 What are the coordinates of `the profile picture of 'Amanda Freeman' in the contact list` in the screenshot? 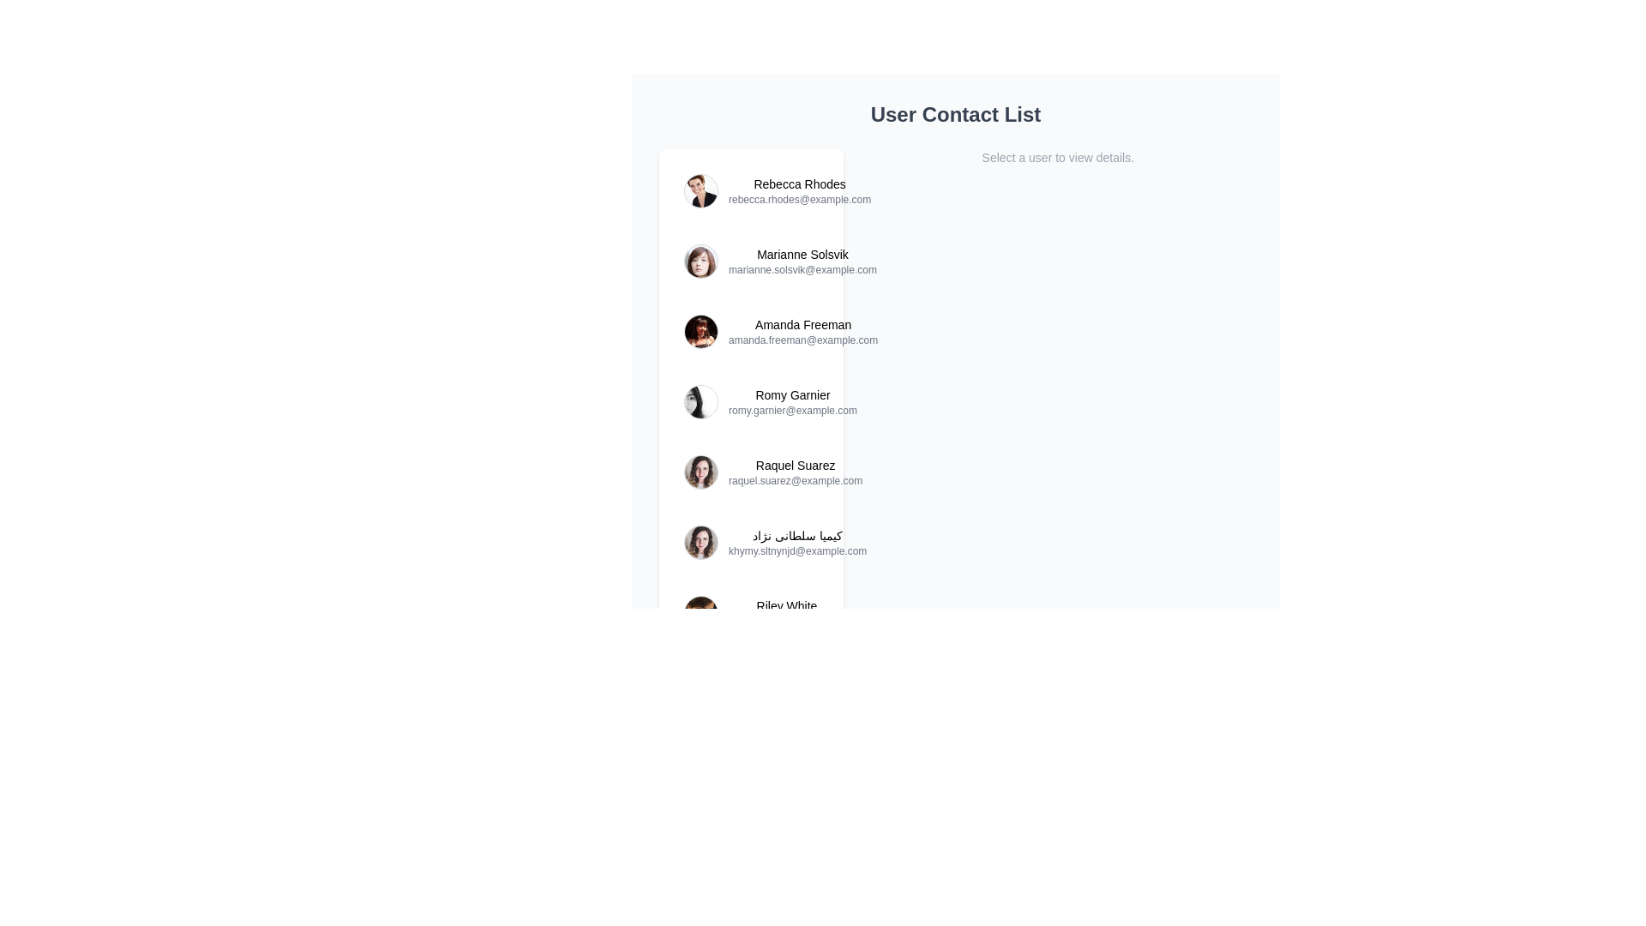 It's located at (700, 331).